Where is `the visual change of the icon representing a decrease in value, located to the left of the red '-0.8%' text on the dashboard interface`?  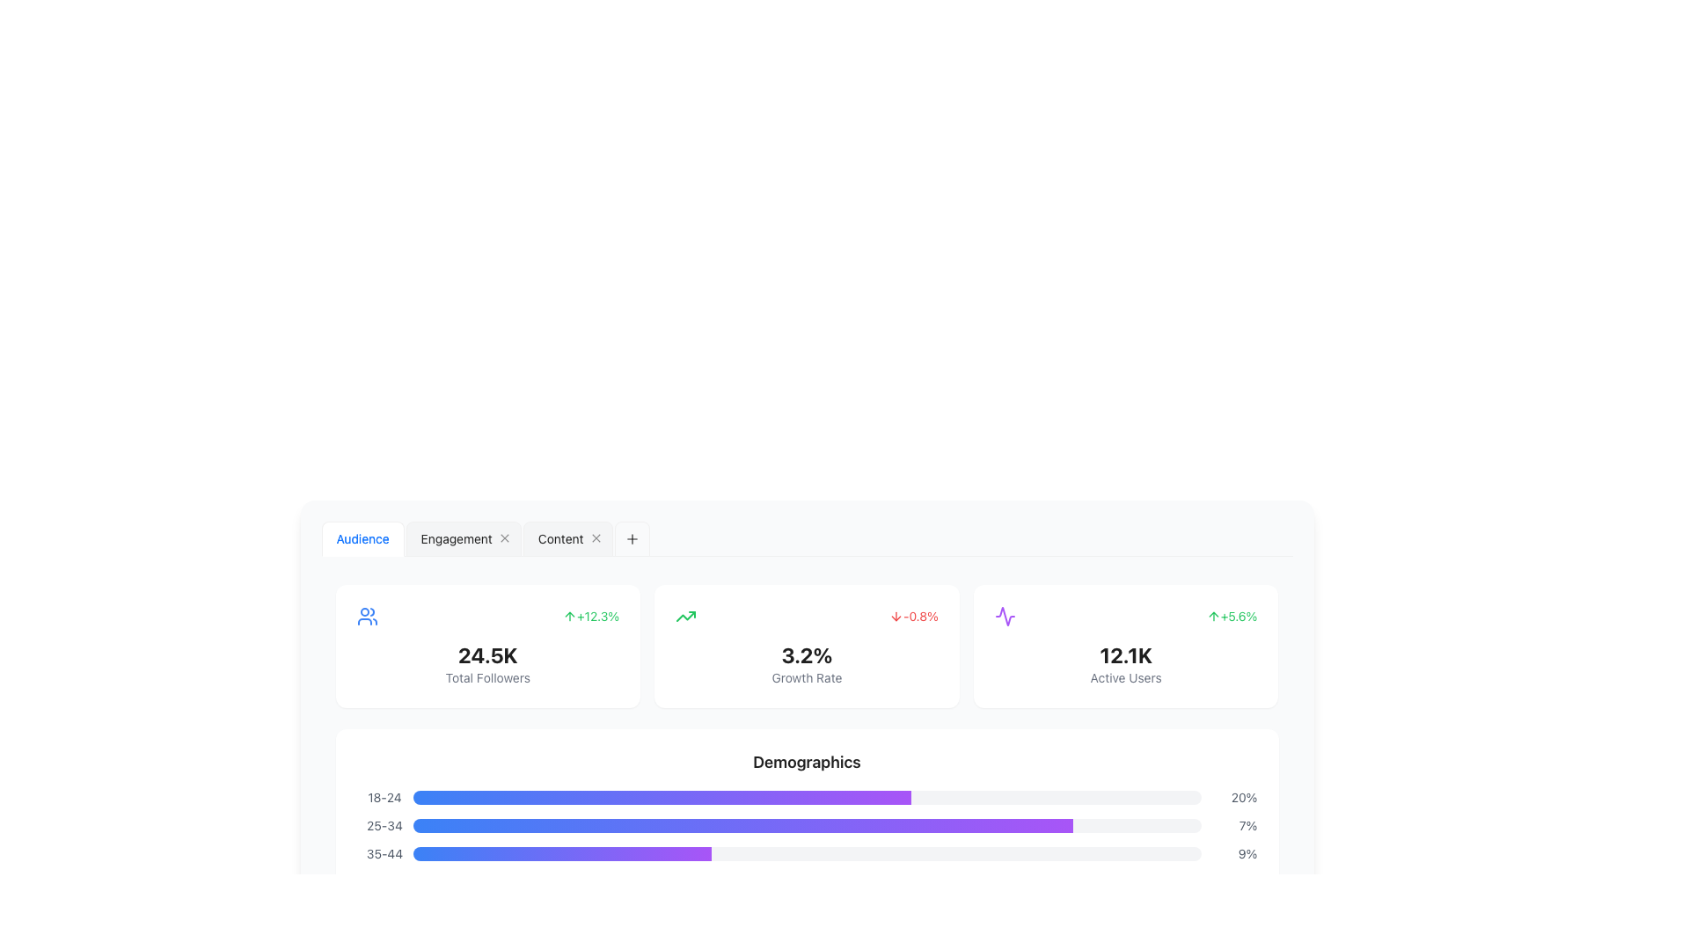
the visual change of the icon representing a decrease in value, located to the left of the red '-0.8%' text on the dashboard interface is located at coordinates (896, 616).